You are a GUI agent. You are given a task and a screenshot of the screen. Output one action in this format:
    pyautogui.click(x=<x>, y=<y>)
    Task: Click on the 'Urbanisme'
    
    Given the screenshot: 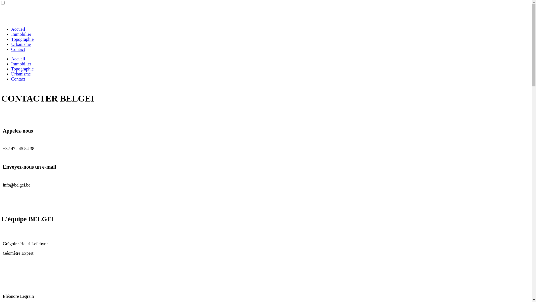 What is the action you would take?
    pyautogui.click(x=21, y=44)
    